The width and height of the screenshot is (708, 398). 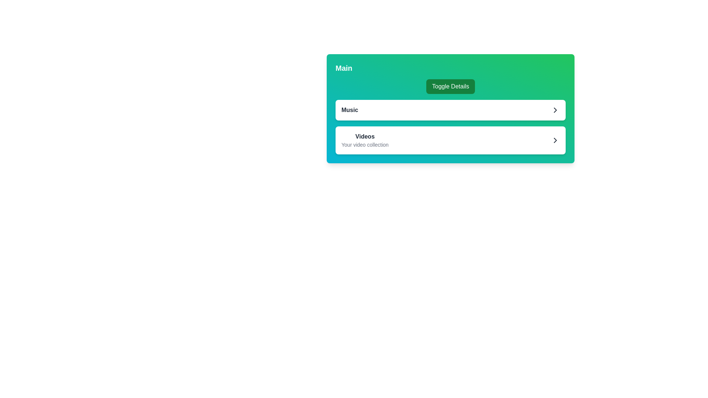 I want to click on the 'Videos' section heading text label, which is positioned above the description 'Your video collection' and located towards the right-center of the interface, so click(x=365, y=136).